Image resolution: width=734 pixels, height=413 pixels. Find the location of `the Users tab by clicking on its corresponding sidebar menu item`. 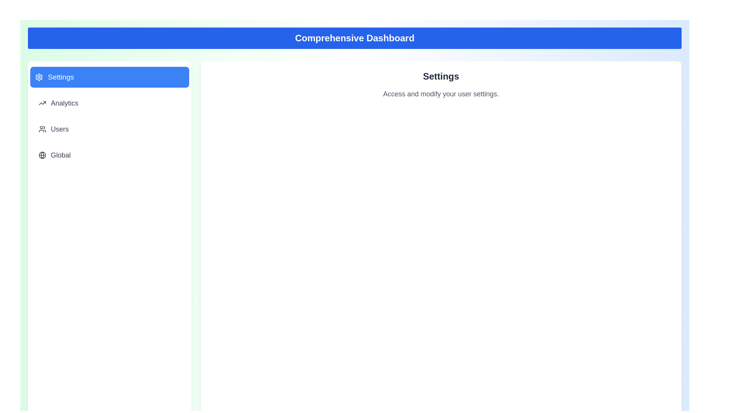

the Users tab by clicking on its corresponding sidebar menu item is located at coordinates (109, 129).